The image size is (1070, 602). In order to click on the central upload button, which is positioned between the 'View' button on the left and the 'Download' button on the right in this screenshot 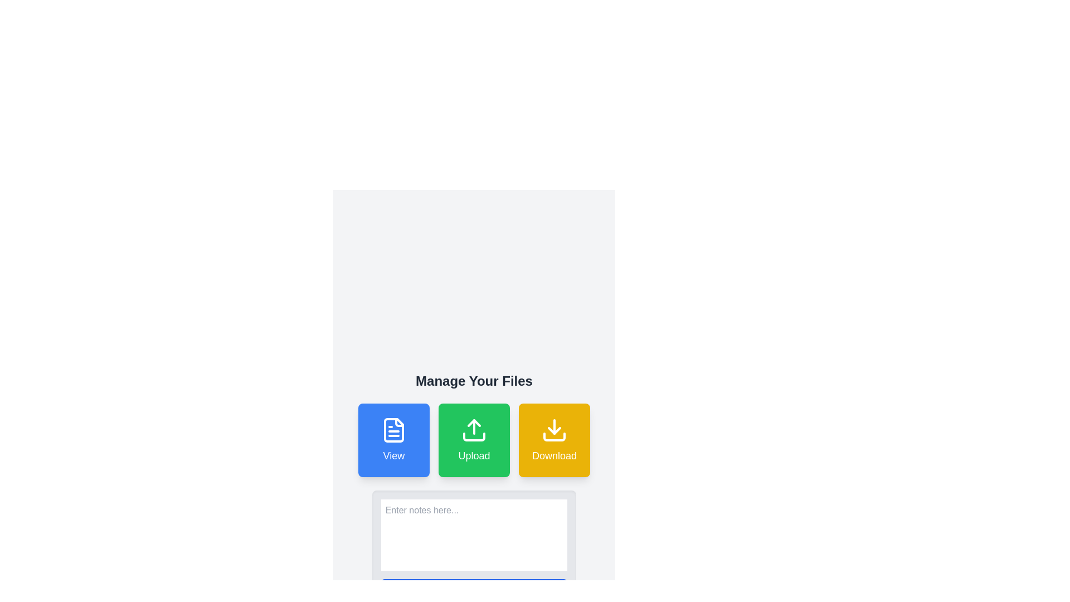, I will do `click(474, 439)`.